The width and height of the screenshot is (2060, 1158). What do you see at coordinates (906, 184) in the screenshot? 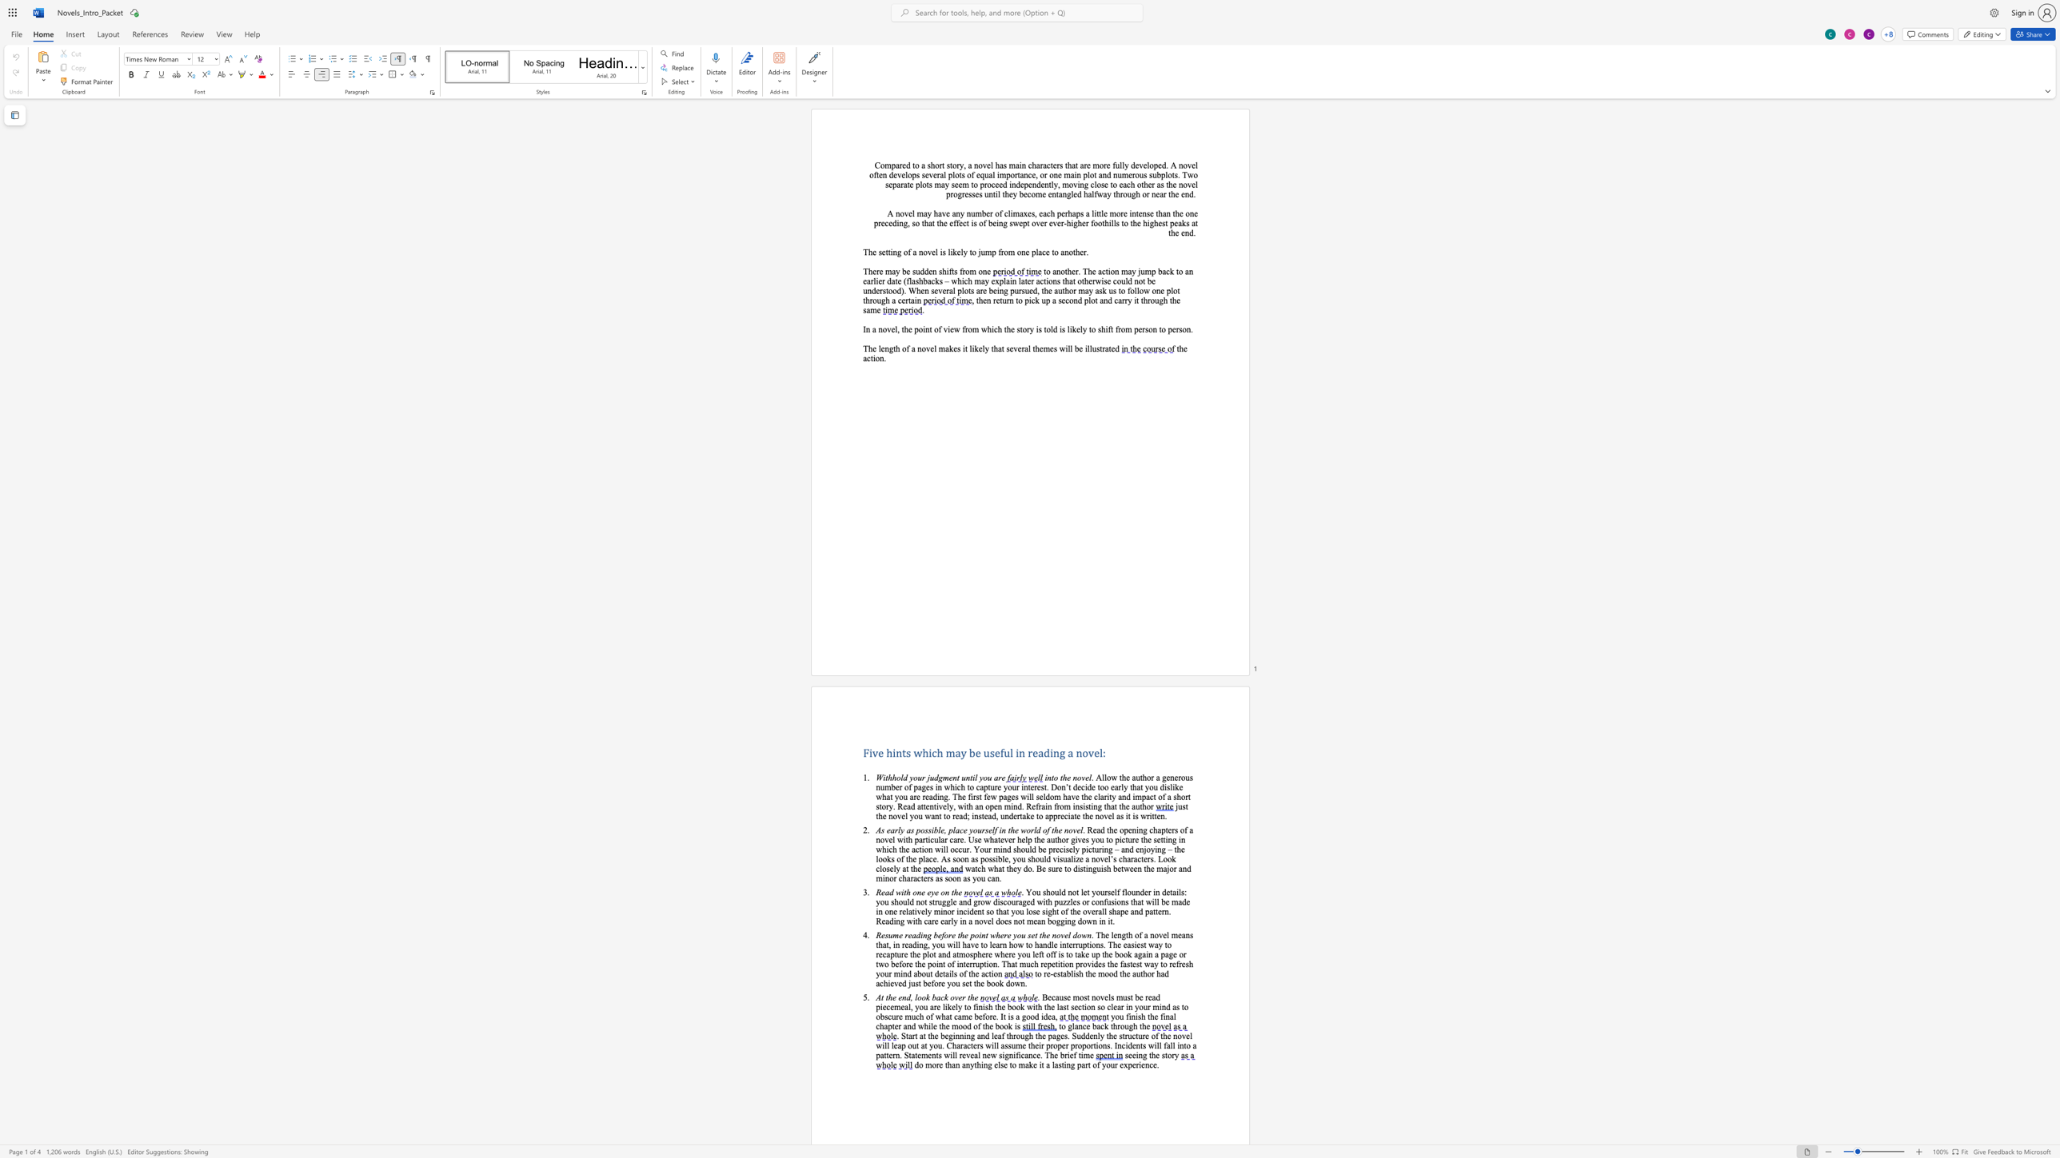
I see `the space between the continuous character "a" and "t" in the text` at bounding box center [906, 184].